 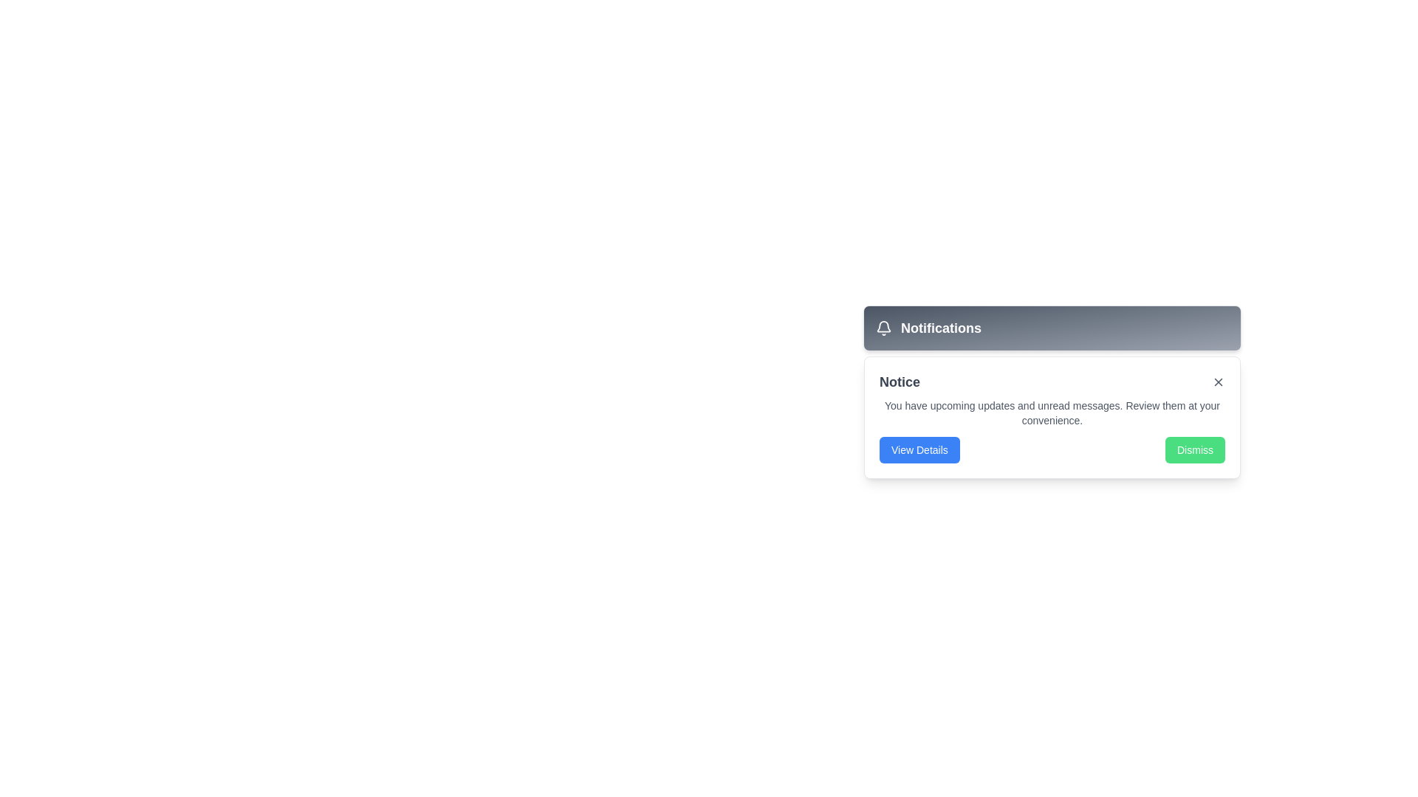 What do you see at coordinates (883, 327) in the screenshot?
I see `the bell icon SVG graphic that is styled with a gray outline and hollow interior, located to the left of the 'Notifications' text` at bounding box center [883, 327].